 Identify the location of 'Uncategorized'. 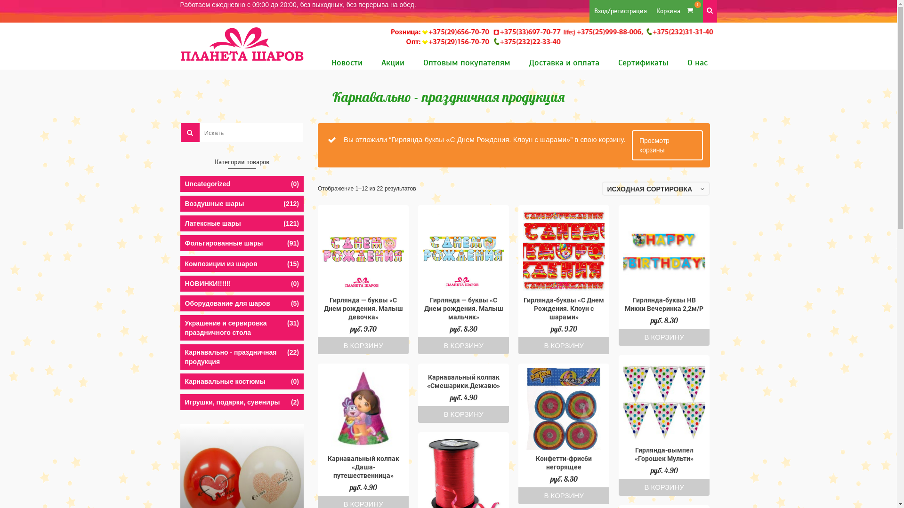
(242, 183).